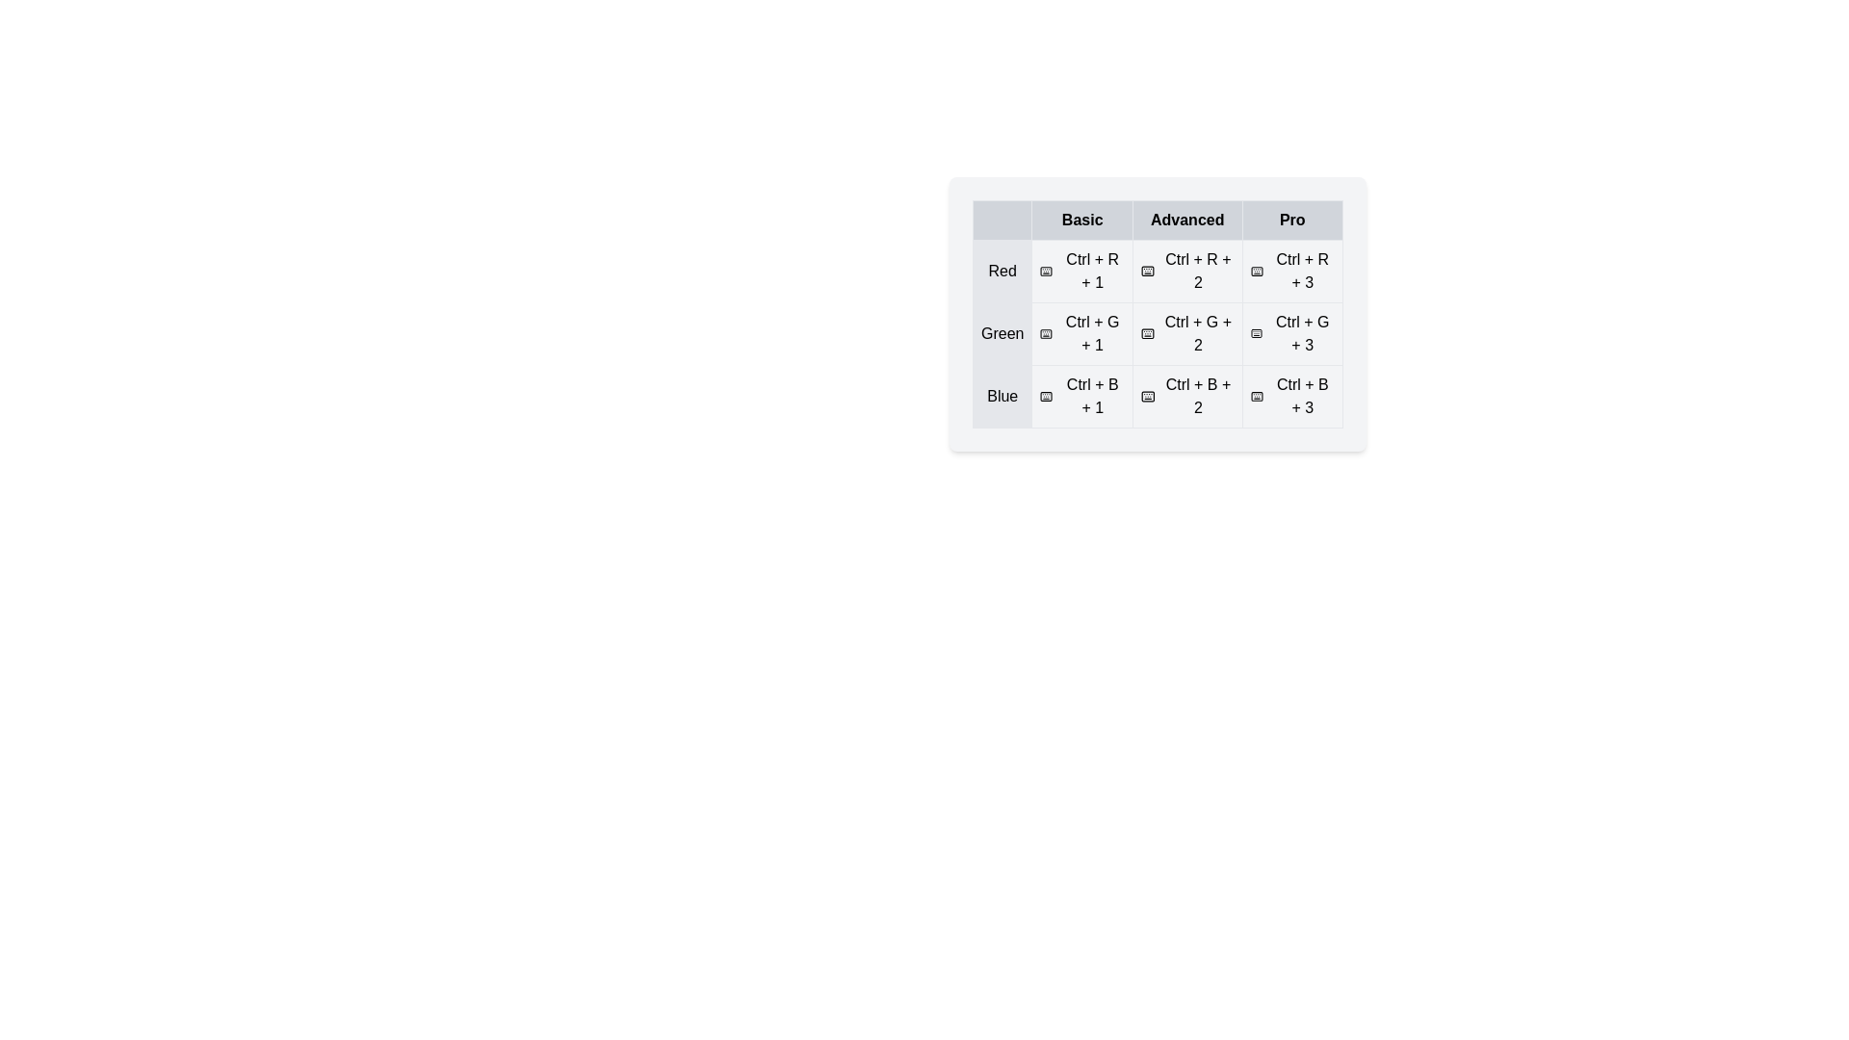 The width and height of the screenshot is (1849, 1040). I want to click on the keyboard input icon located in the first cell of the 'Blue' row under the 'Basic' column, which indicates the action 'Ctrl + B + 1', so click(1046, 396).